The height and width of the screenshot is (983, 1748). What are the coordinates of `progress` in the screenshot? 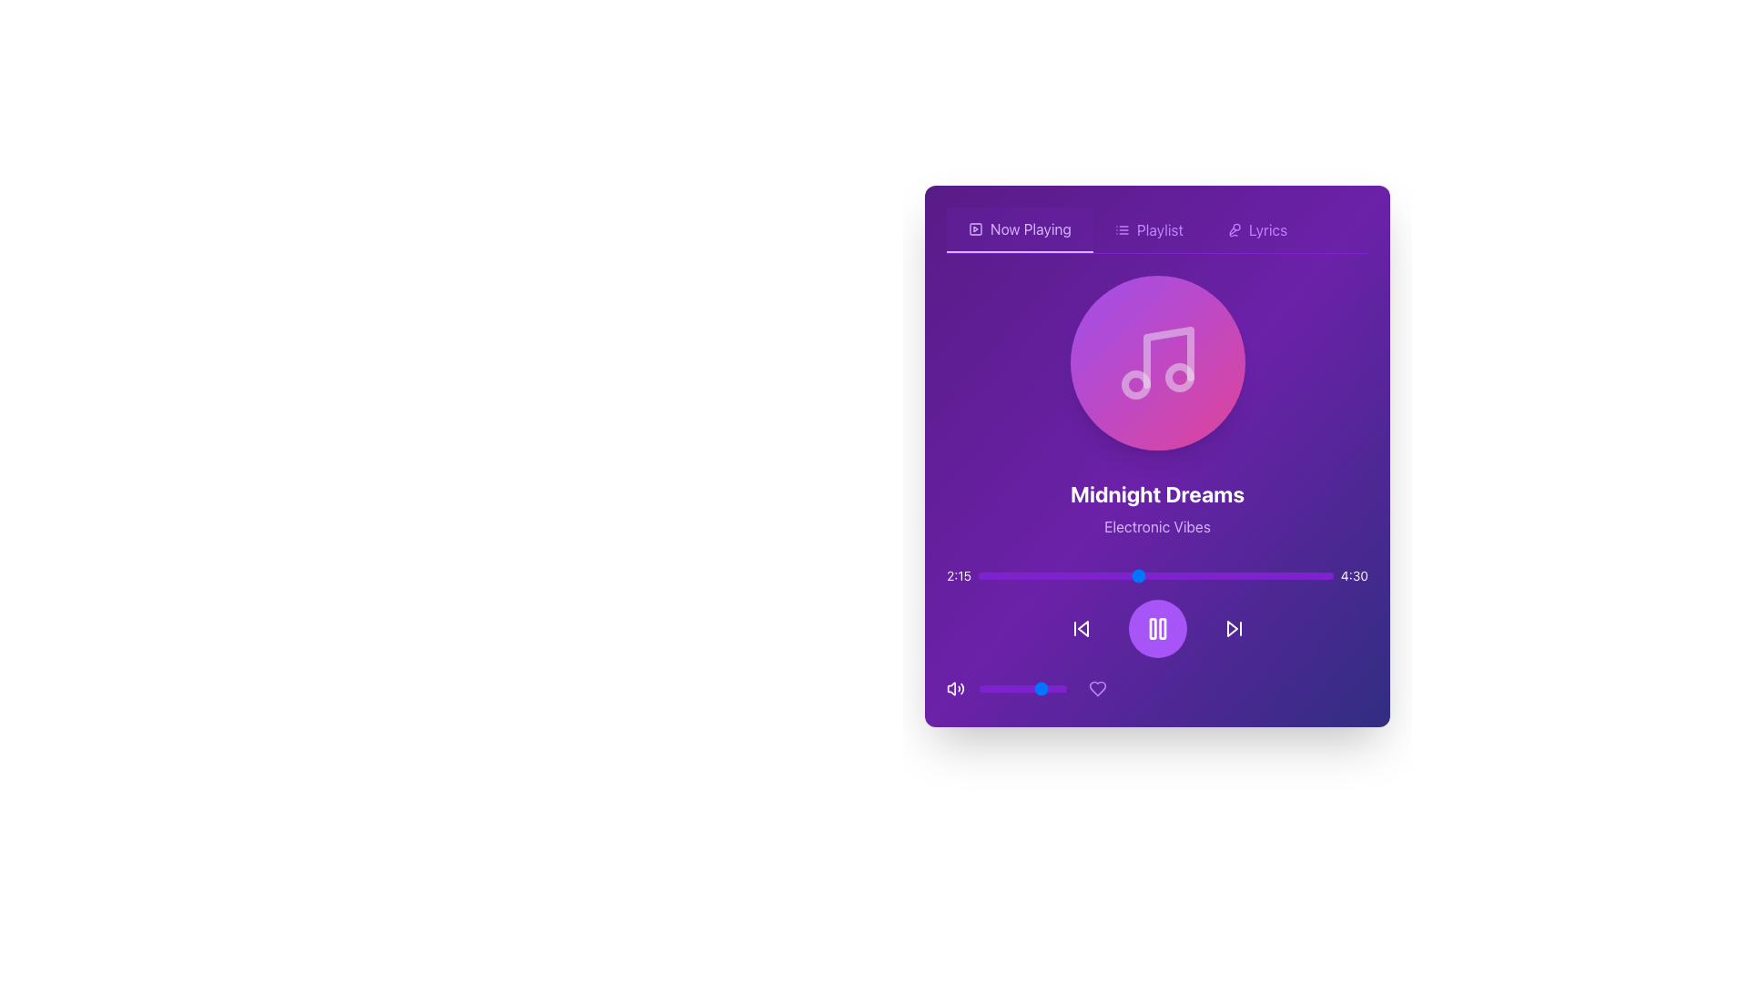 It's located at (988, 575).